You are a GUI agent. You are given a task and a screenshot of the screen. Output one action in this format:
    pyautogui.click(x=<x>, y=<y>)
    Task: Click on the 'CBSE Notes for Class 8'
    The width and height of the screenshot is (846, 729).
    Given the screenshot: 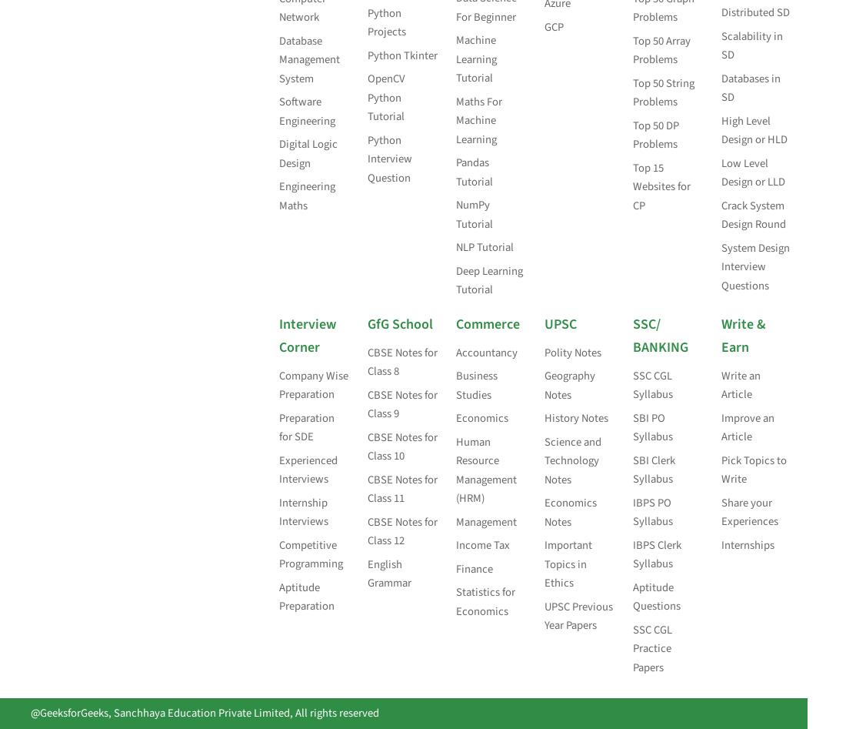 What is the action you would take?
    pyautogui.click(x=402, y=361)
    